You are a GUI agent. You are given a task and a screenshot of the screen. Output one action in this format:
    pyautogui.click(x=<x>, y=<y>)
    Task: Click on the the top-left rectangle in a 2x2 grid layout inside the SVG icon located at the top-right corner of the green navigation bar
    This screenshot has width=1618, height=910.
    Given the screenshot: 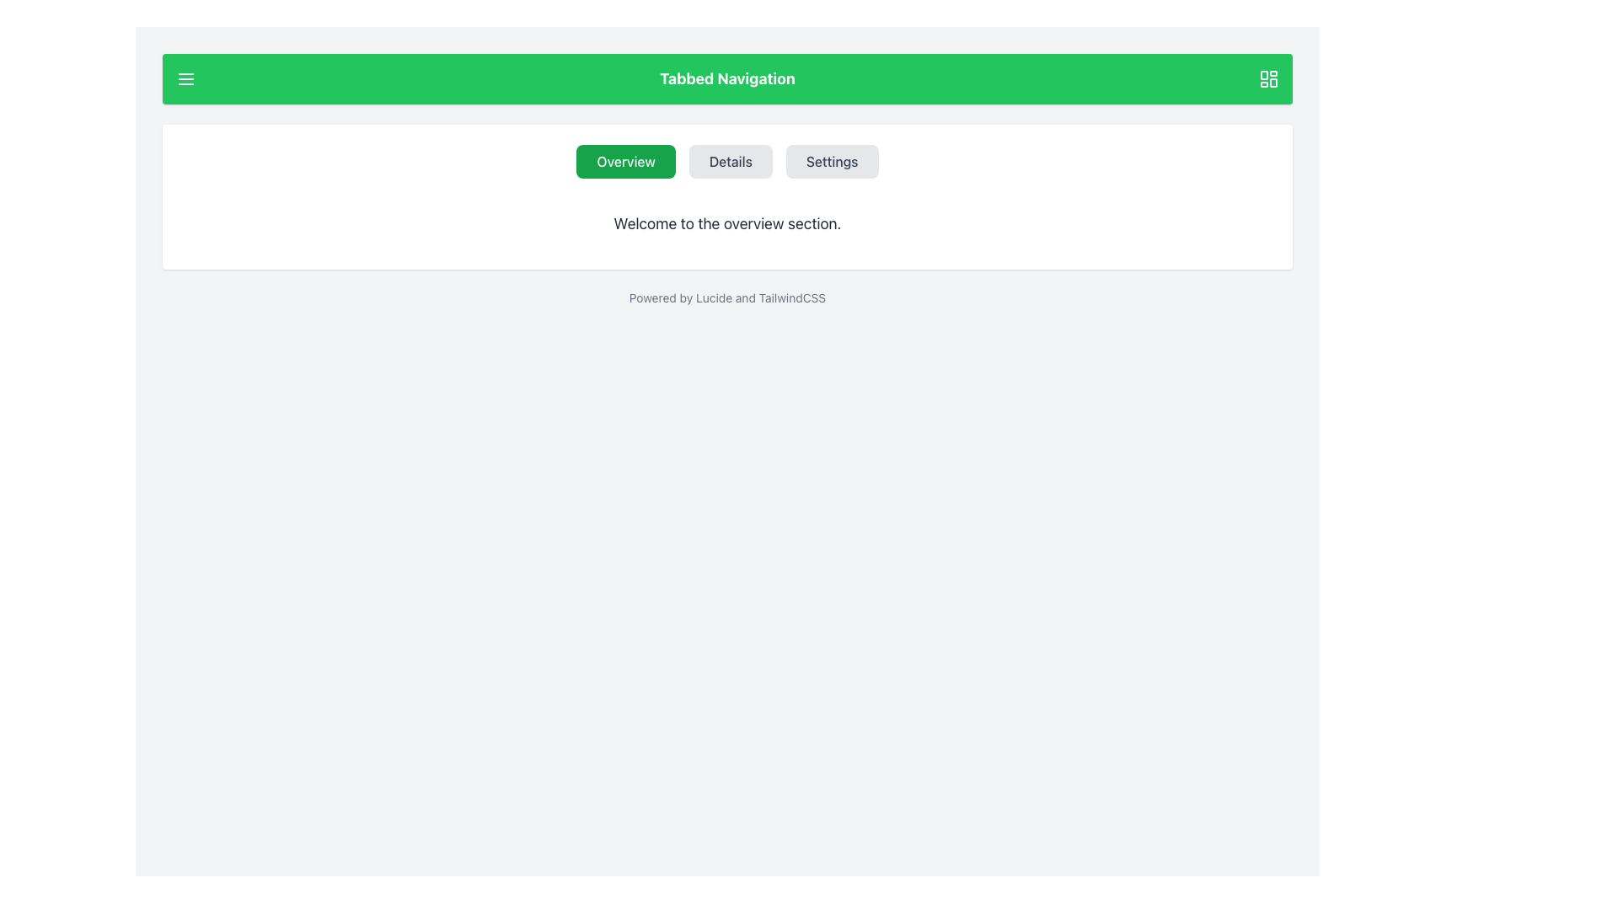 What is the action you would take?
    pyautogui.click(x=1264, y=74)
    